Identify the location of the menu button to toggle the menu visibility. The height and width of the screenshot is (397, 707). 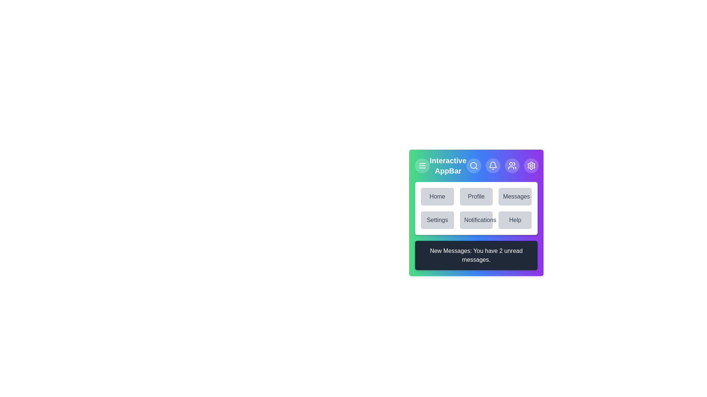
(422, 166).